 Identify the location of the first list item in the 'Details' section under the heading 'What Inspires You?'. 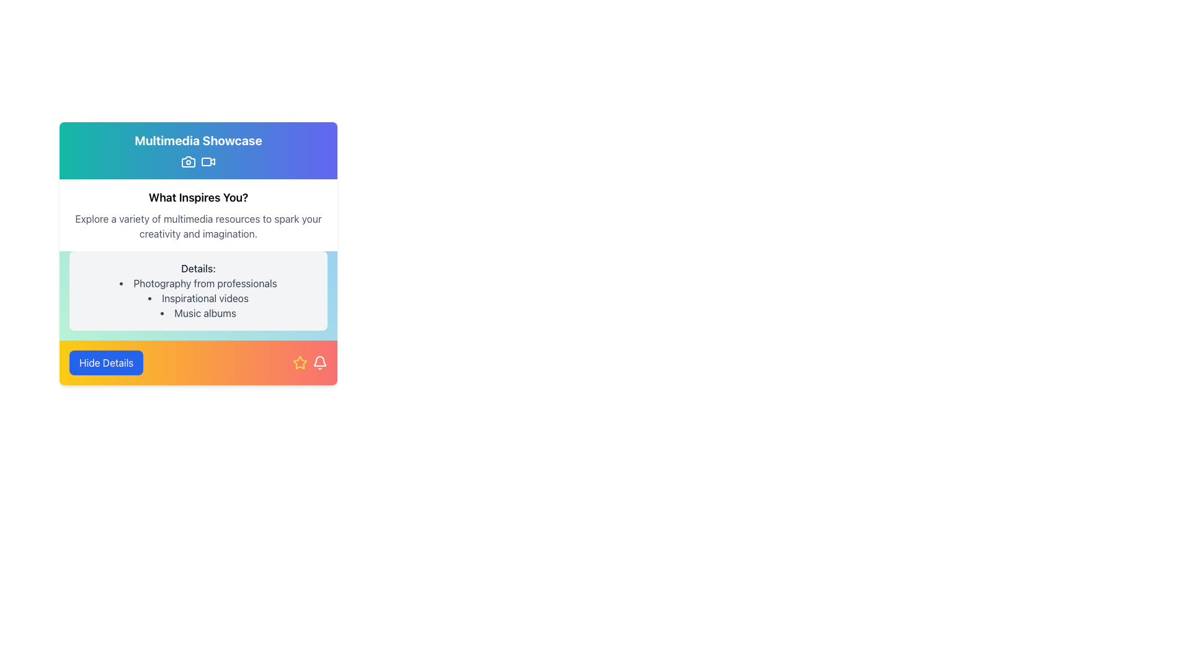
(198, 283).